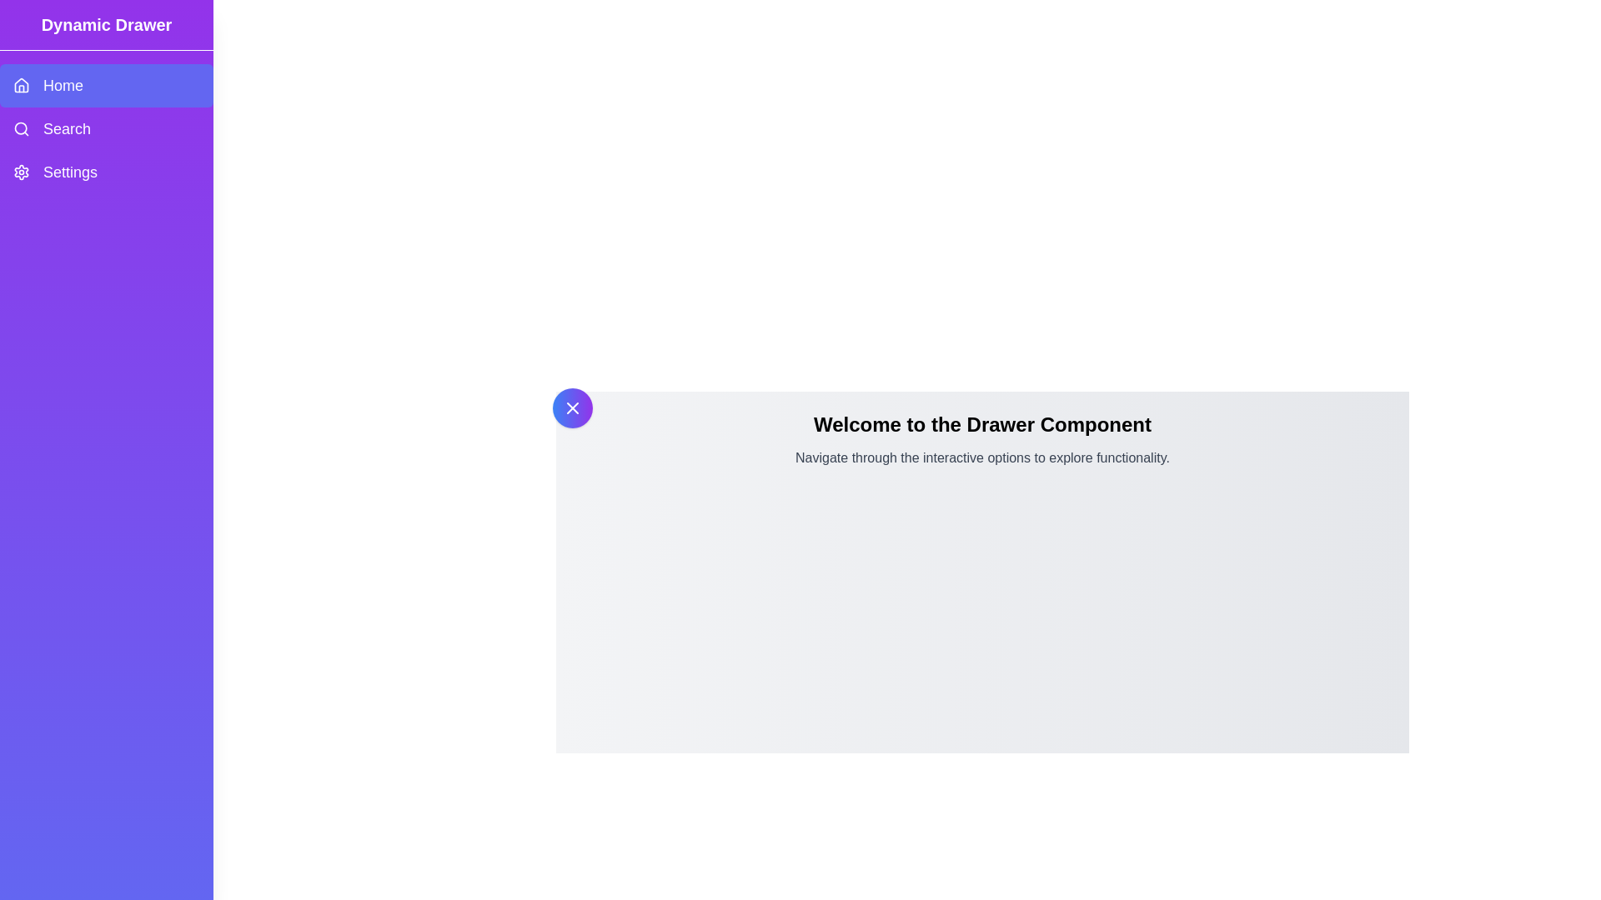 This screenshot has width=1601, height=900. I want to click on the Search from the drawer menu, so click(106, 127).